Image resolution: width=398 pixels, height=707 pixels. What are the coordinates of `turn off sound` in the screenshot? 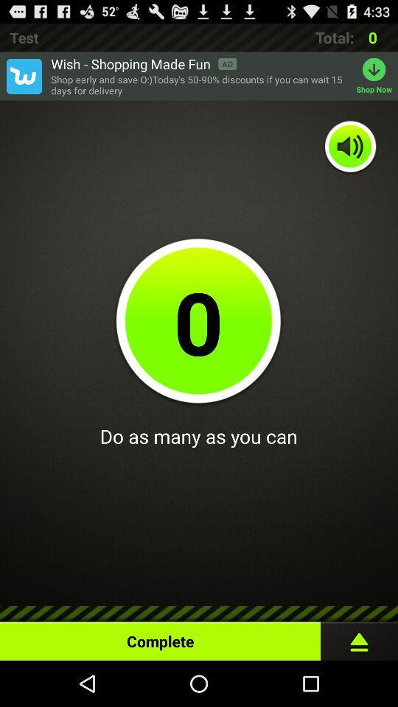 It's located at (350, 147).